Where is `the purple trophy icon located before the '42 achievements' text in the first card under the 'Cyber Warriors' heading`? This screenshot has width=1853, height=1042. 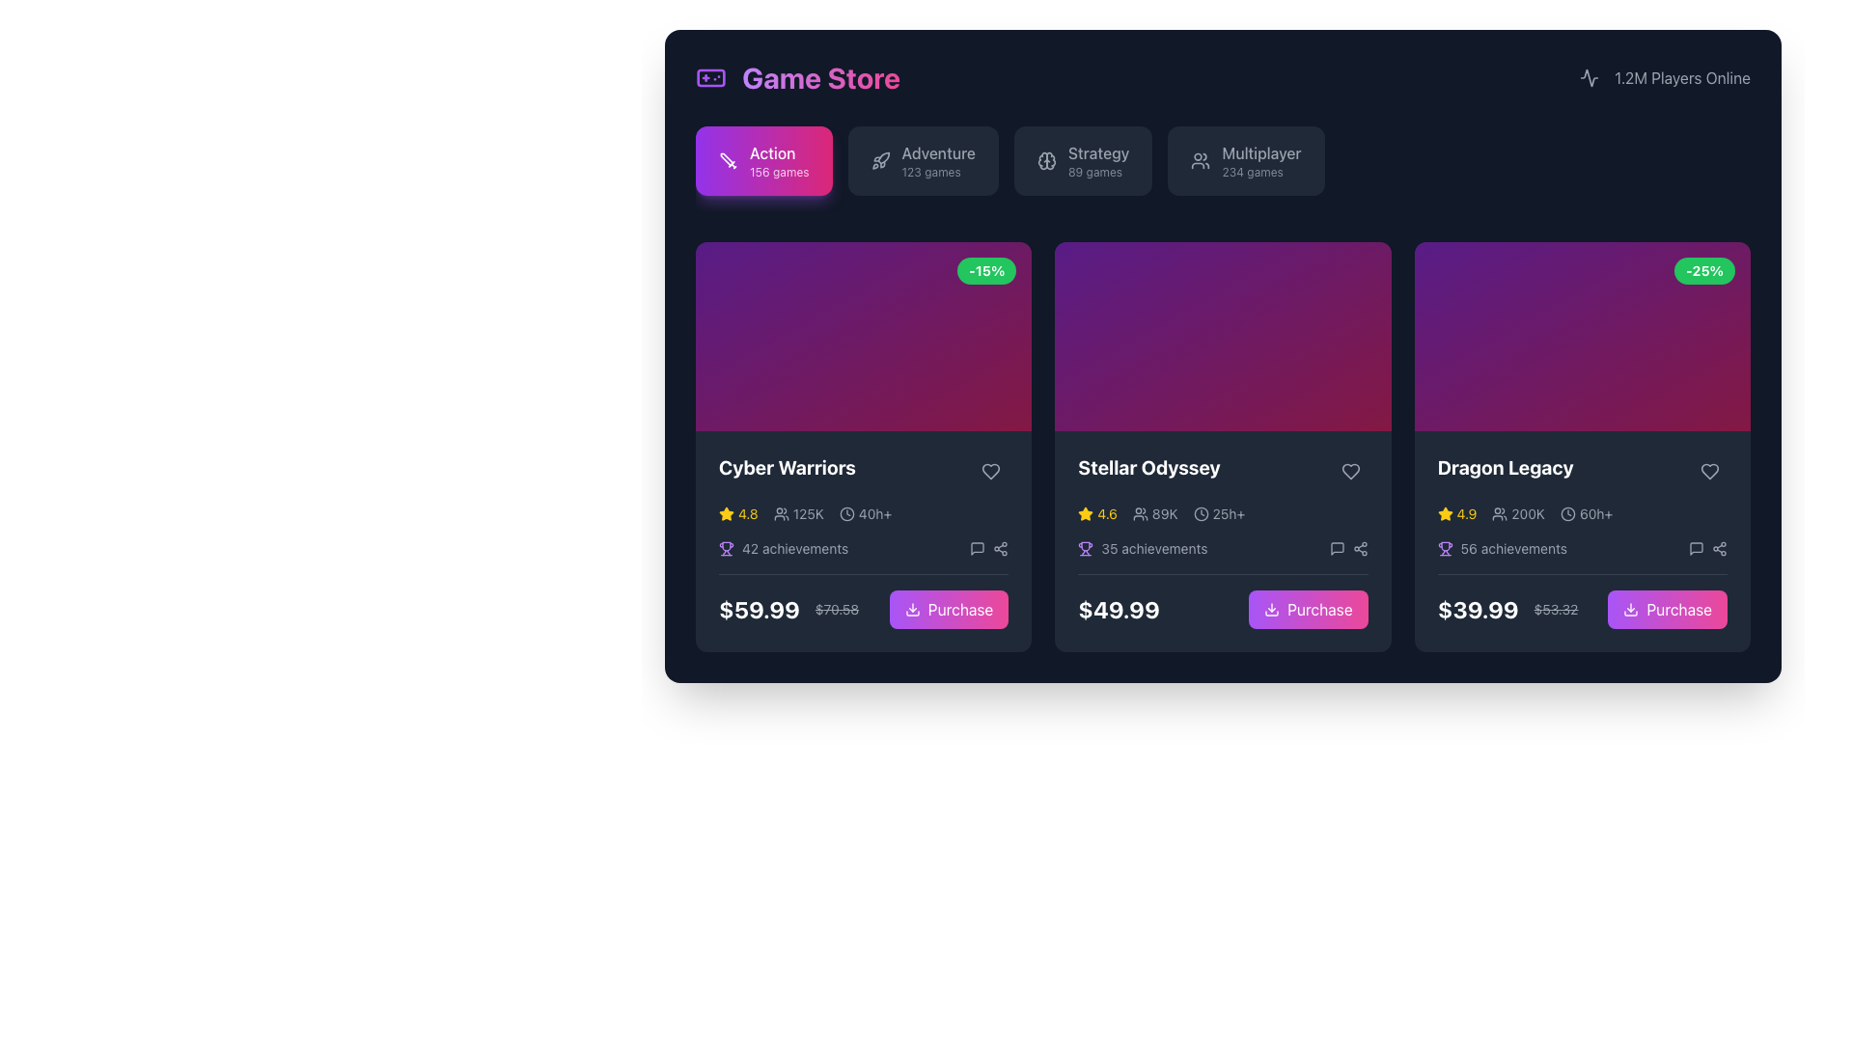
the purple trophy icon located before the '42 achievements' text in the first card under the 'Cyber Warriors' heading is located at coordinates (726, 547).